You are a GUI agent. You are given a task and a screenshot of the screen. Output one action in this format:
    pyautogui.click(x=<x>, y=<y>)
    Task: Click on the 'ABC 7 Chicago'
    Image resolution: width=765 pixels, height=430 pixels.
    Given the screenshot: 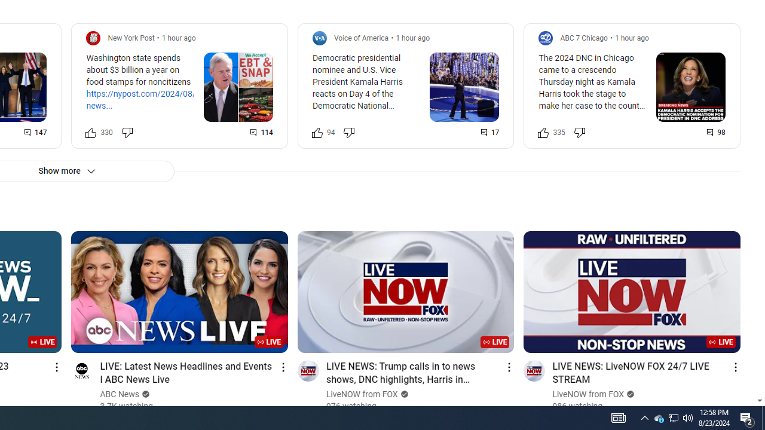 What is the action you would take?
    pyautogui.click(x=584, y=37)
    